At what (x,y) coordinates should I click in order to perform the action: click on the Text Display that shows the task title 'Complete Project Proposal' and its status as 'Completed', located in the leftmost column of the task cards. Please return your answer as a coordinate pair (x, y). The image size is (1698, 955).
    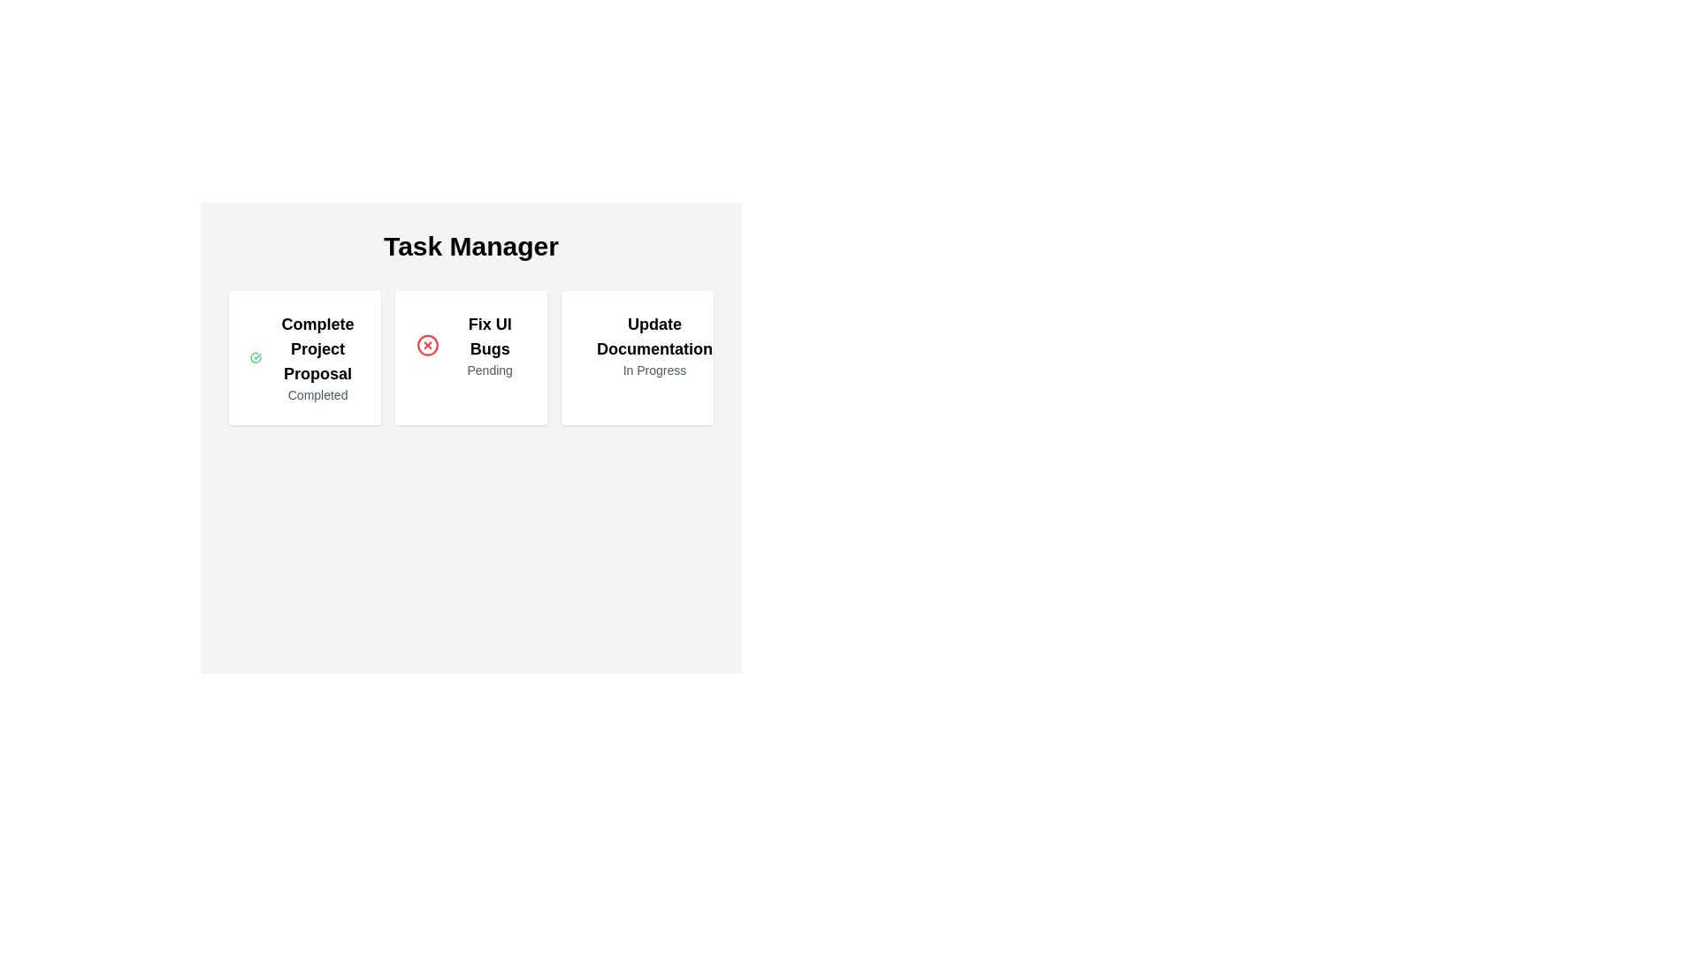
    Looking at the image, I should click on (317, 358).